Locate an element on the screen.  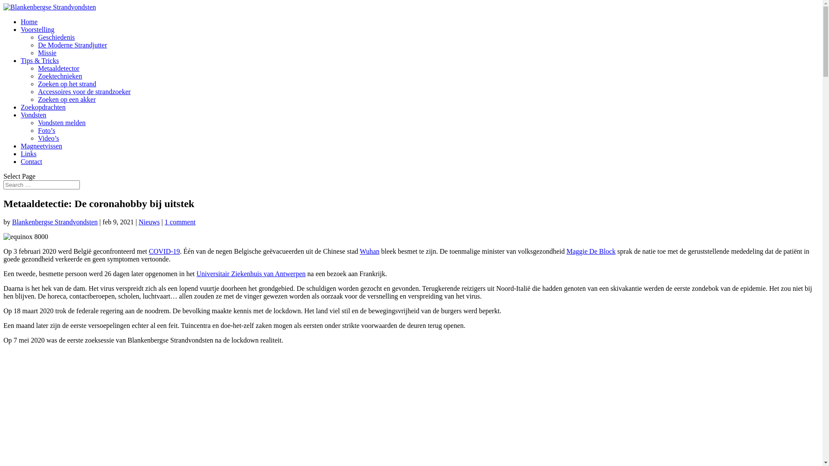
'COVID-19' is located at coordinates (149, 251).